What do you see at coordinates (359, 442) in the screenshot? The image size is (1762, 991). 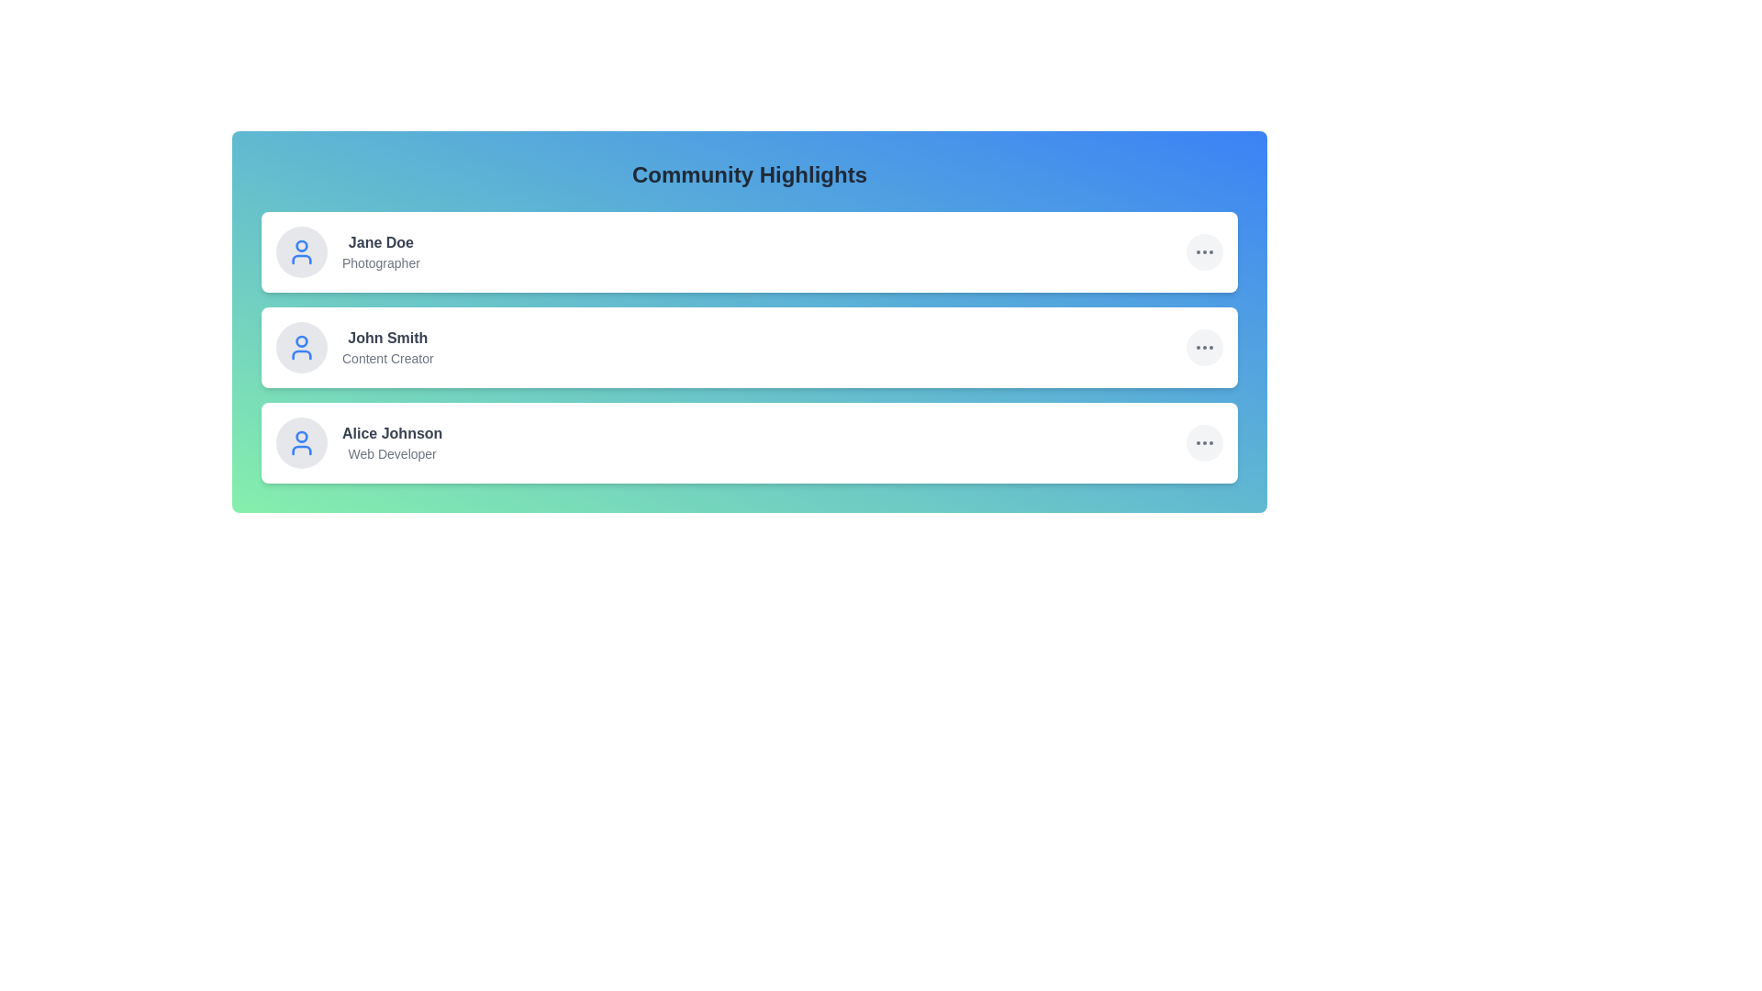 I see `the combined textual and graphical display component showing 'Alice Johnson' as a Web Developer` at bounding box center [359, 442].